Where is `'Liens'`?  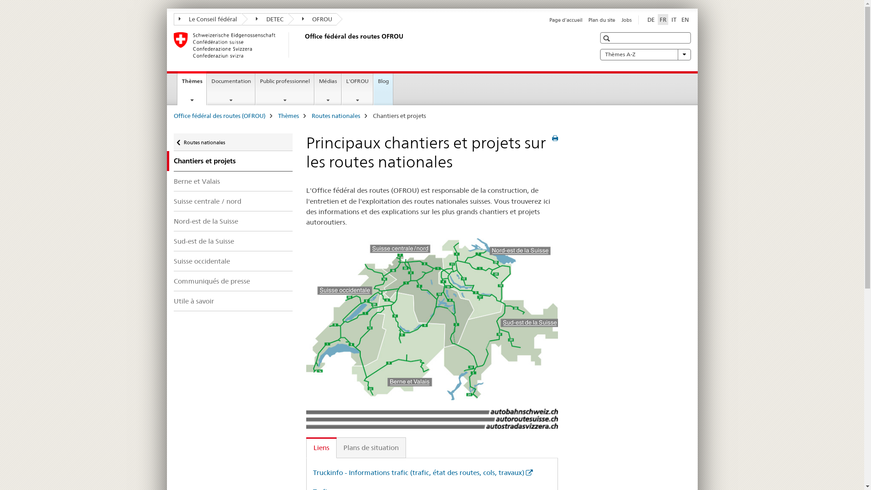 'Liens' is located at coordinates (321, 447).